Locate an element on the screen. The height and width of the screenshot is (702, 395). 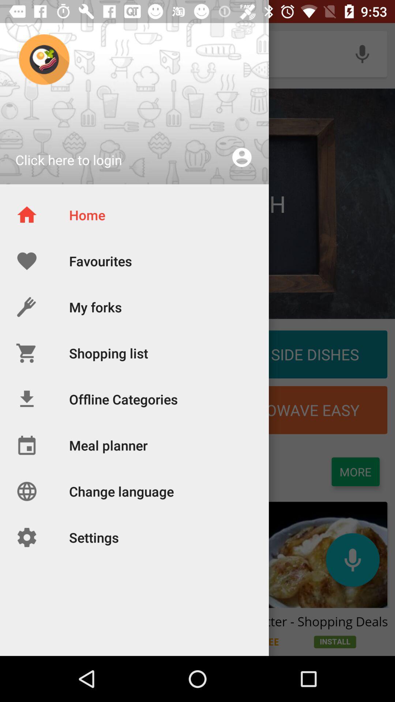
the microphone icon is located at coordinates (352, 559).